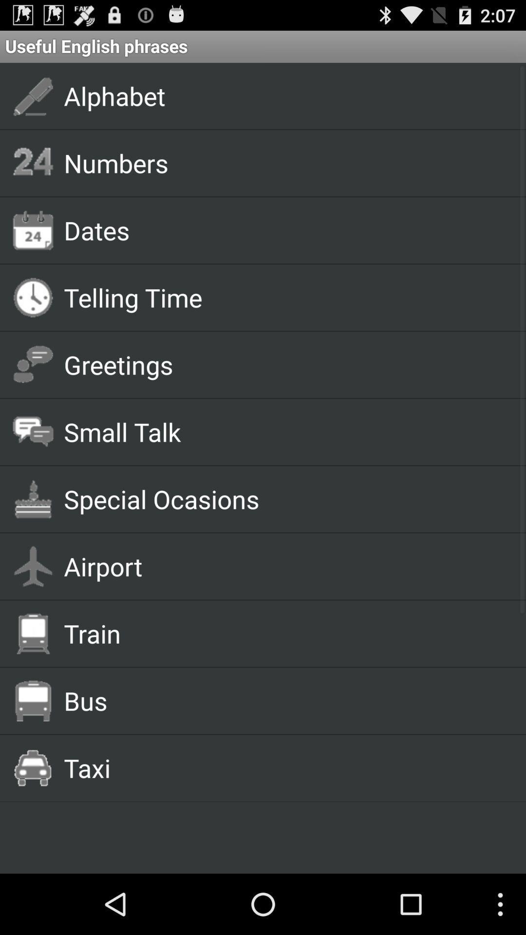  Describe the element at coordinates (283, 229) in the screenshot. I see `the dates` at that location.